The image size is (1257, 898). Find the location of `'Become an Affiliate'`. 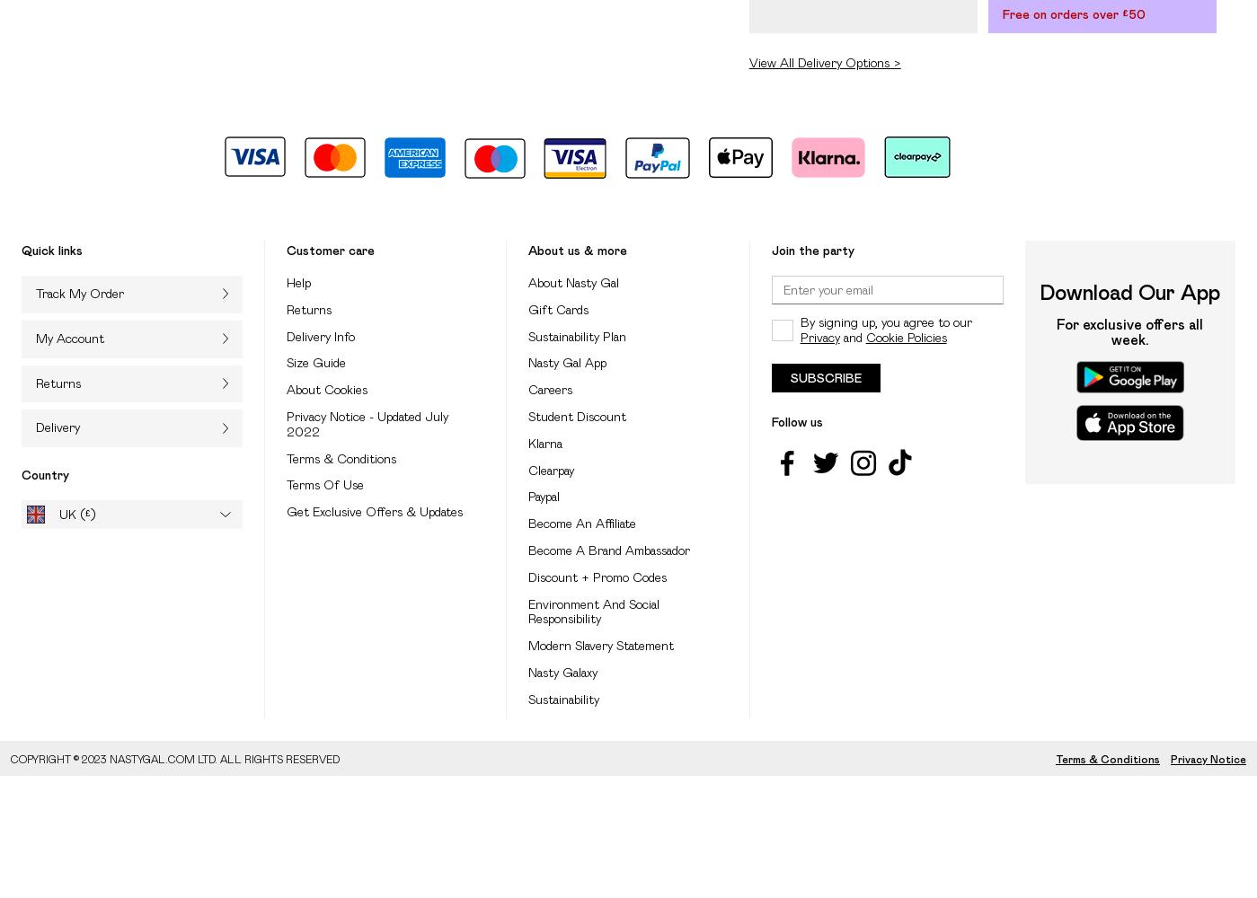

'Become an Affiliate' is located at coordinates (527, 523).